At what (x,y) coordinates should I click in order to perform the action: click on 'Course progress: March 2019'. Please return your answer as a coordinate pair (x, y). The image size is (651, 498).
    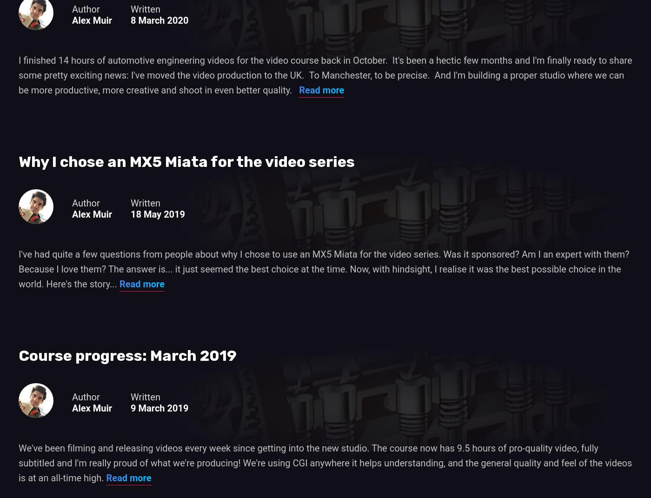
    Looking at the image, I should click on (127, 356).